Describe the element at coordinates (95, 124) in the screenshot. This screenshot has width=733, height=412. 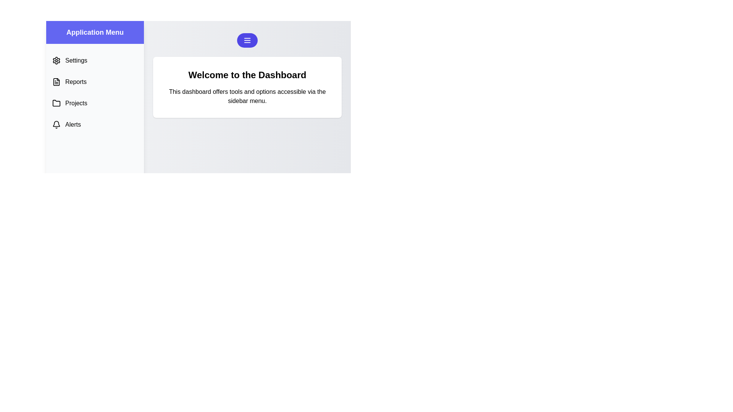
I see `the menu option labeled 'Alerts' to see its hover effect` at that location.